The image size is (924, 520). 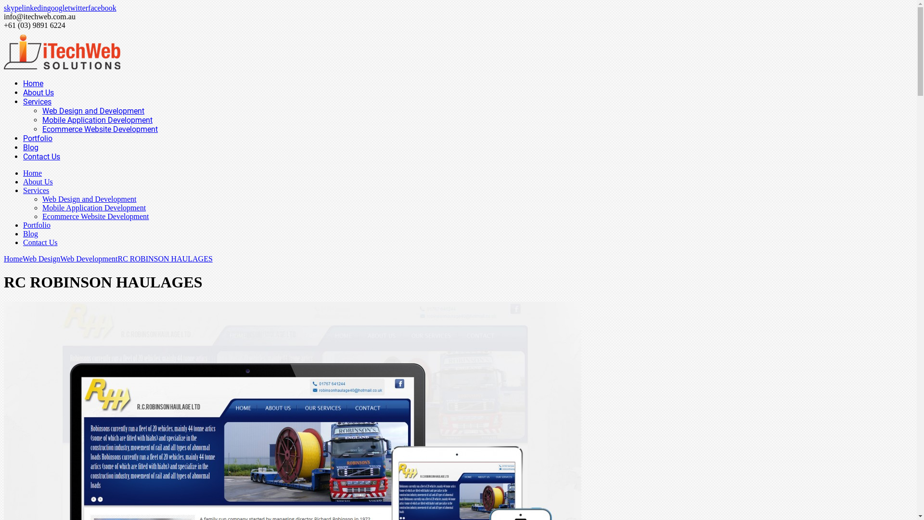 What do you see at coordinates (67, 8) in the screenshot?
I see `'twitter'` at bounding box center [67, 8].